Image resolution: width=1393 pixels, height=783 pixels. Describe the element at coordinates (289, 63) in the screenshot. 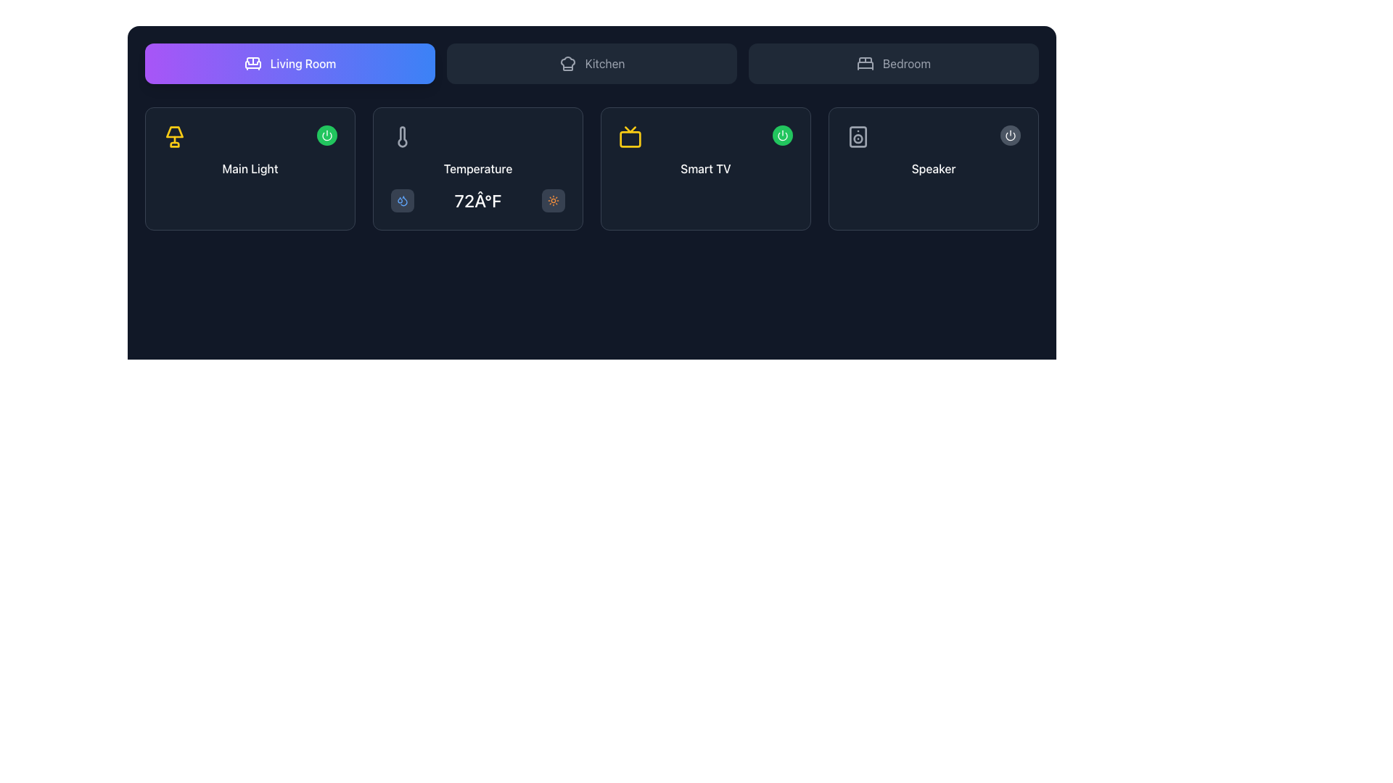

I see `the 'Living Room' button using keyboard navigation` at that location.